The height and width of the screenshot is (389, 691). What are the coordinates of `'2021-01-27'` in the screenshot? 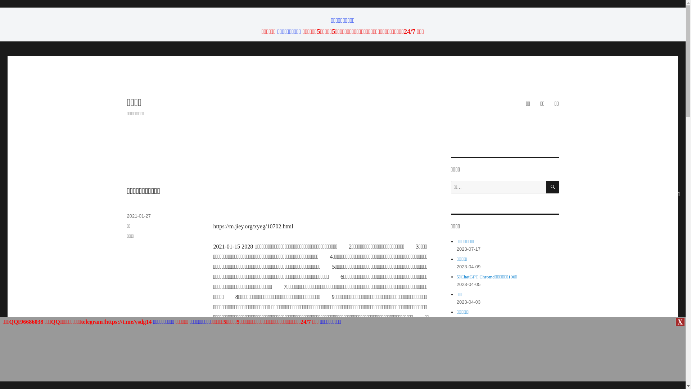 It's located at (139, 215).